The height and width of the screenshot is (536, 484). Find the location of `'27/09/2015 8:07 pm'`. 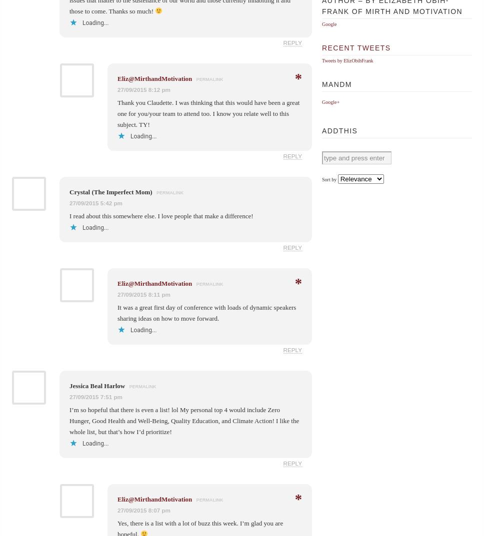

'27/09/2015 8:07 pm' is located at coordinates (143, 510).